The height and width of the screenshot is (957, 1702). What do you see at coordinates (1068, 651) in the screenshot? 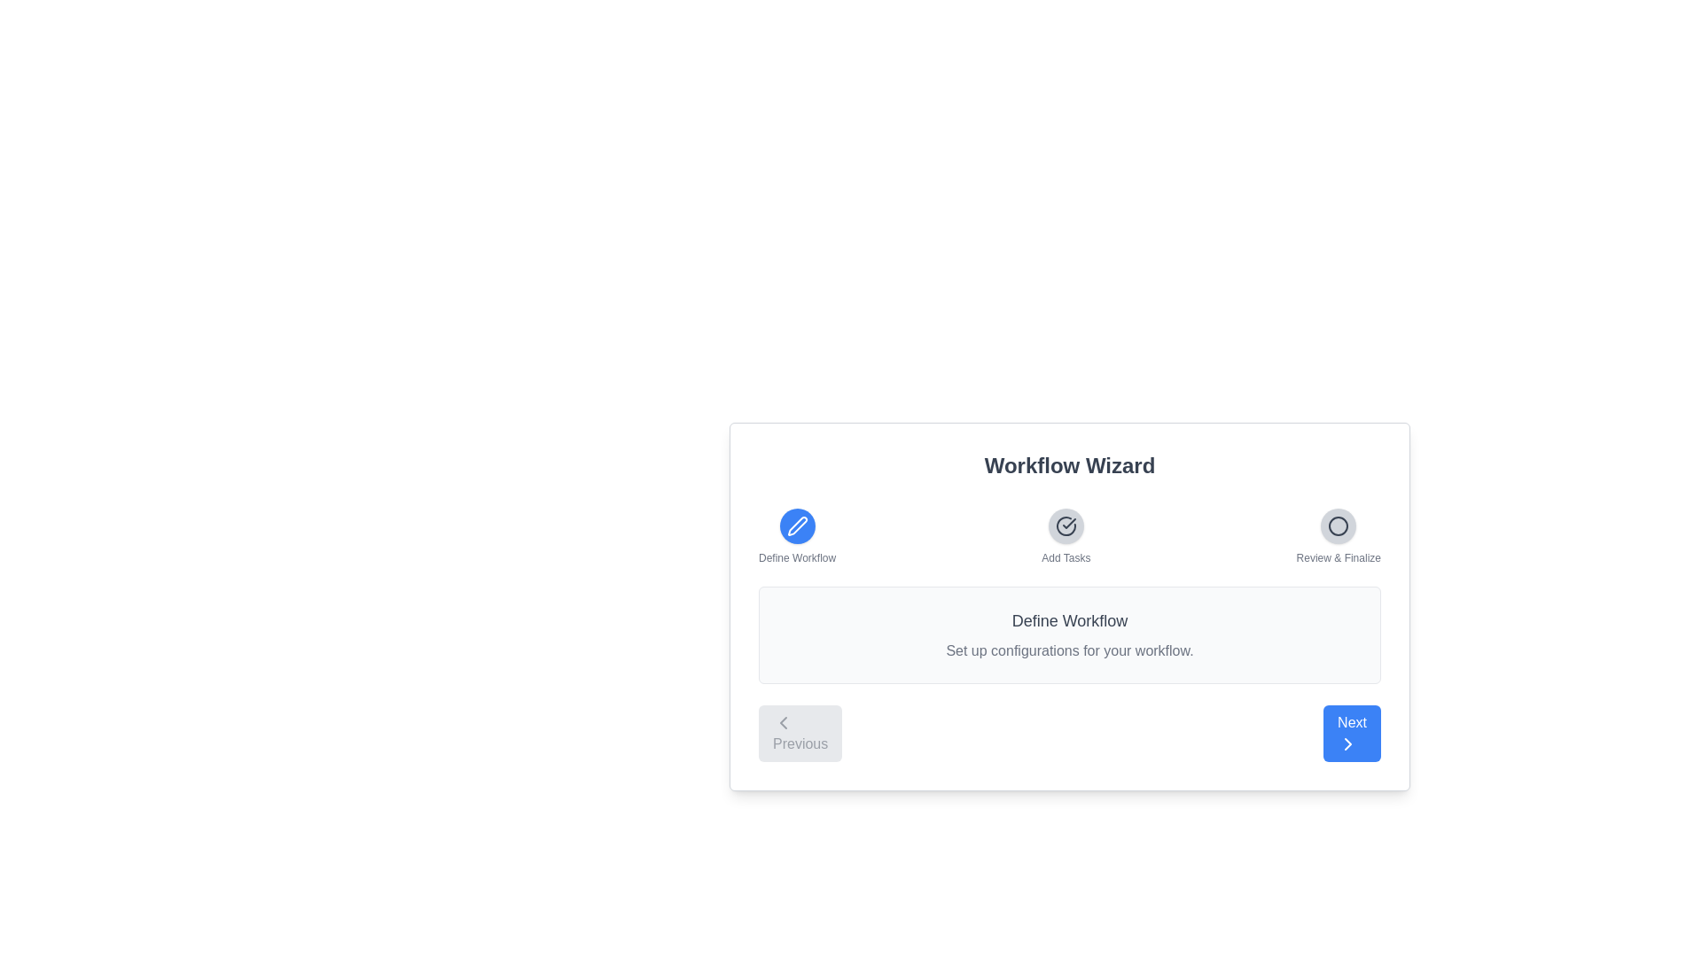
I see `text label providing guidance for the workflow setup process, located below the header 'Define Workflow' and within a panel with a light gray background` at bounding box center [1068, 651].